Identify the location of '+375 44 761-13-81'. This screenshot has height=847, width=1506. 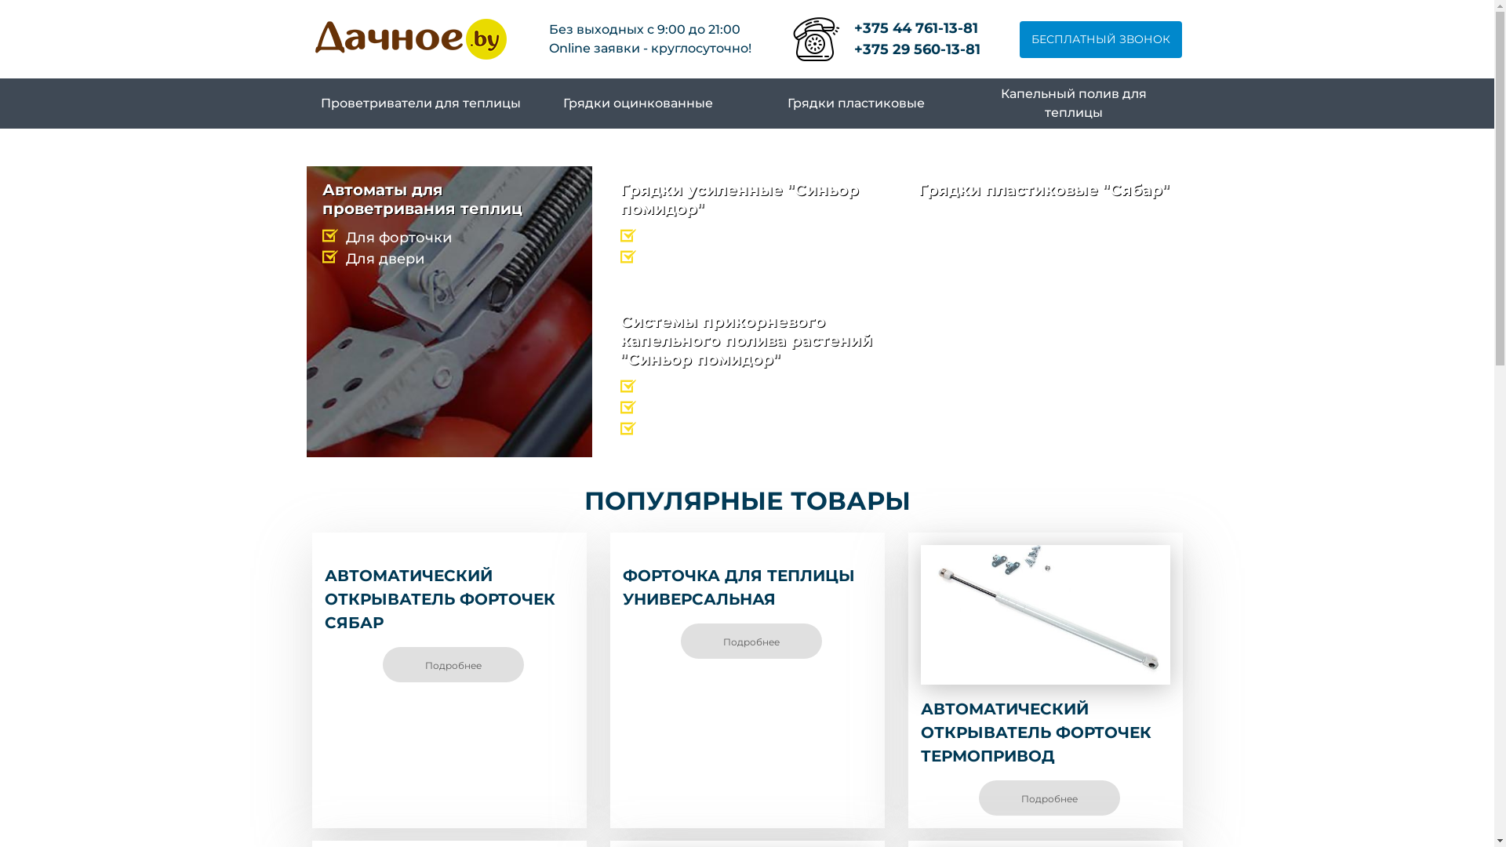
(917, 28).